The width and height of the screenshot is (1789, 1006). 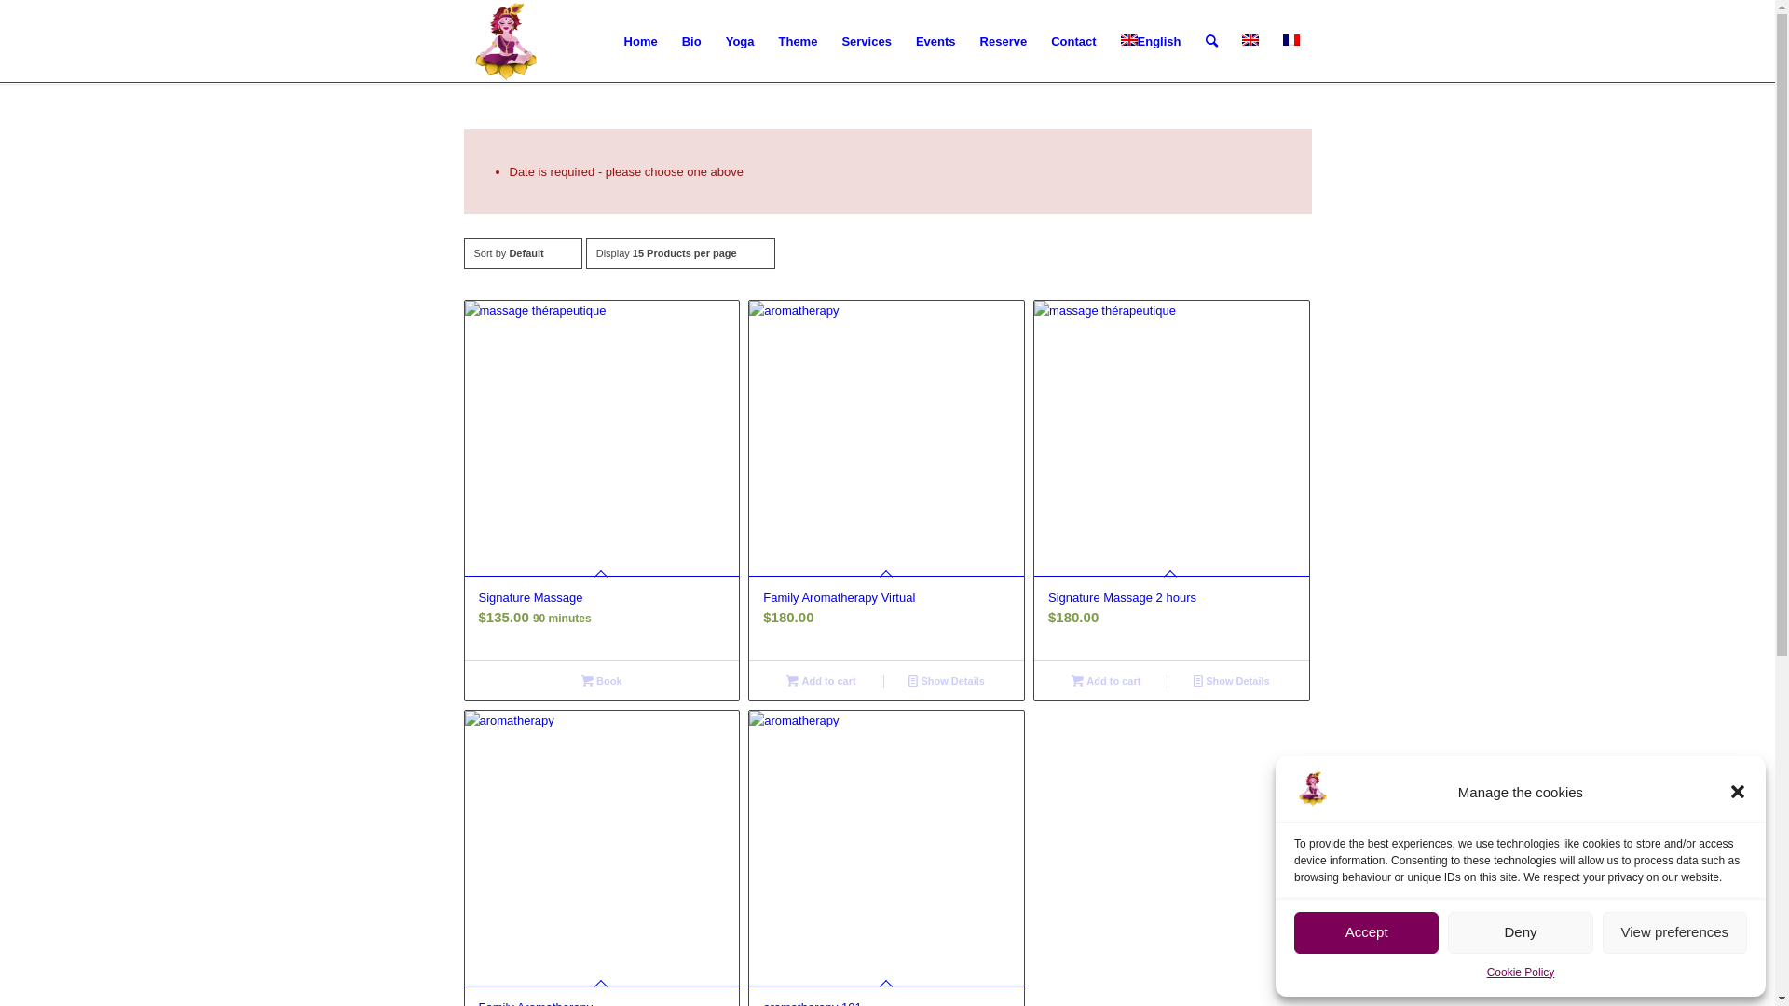 What do you see at coordinates (601, 681) in the screenshot?
I see `'Book'` at bounding box center [601, 681].